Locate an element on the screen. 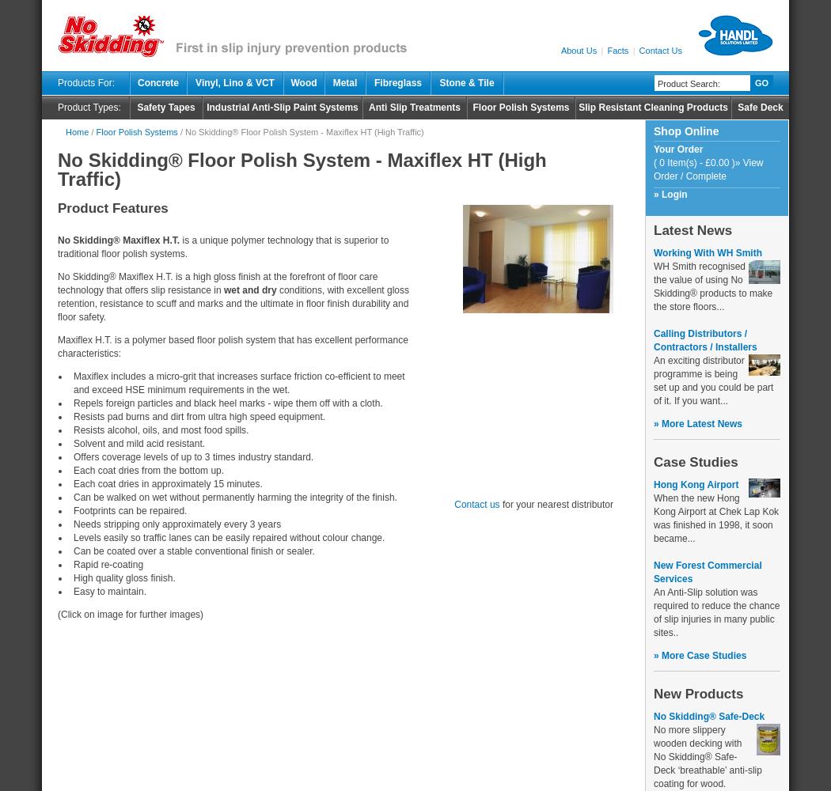 This screenshot has width=831, height=791. '» More Latest News' is located at coordinates (697, 424).